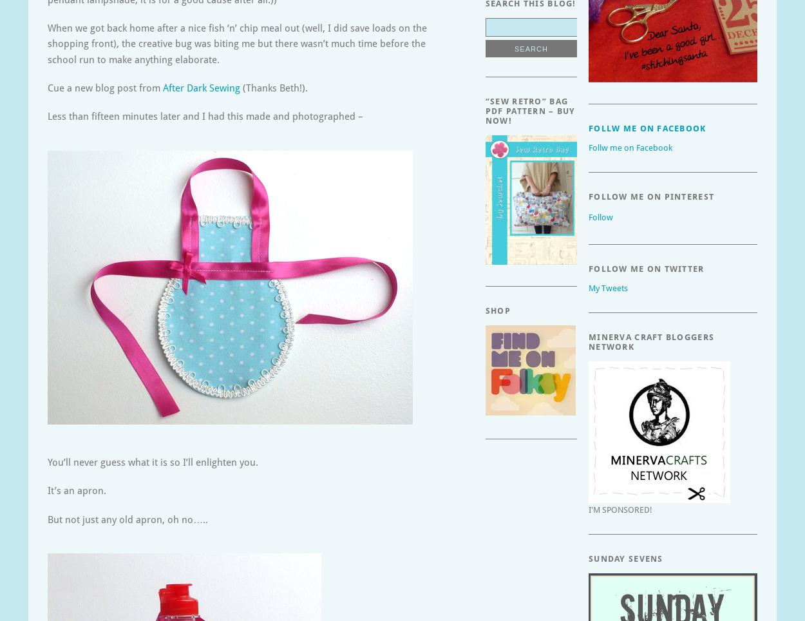 The height and width of the screenshot is (621, 805). I want to click on 'Sunday Sevens', so click(625, 558).